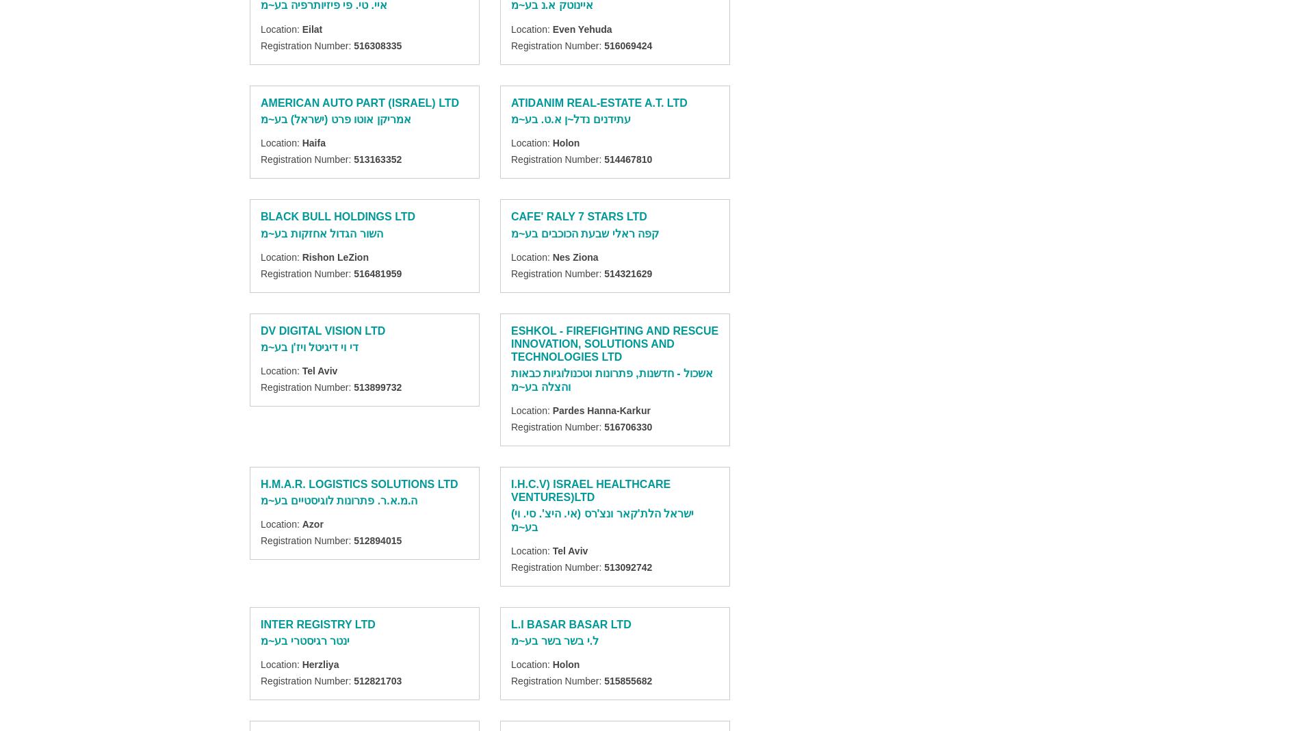 This screenshot has width=1300, height=731. I want to click on 'BLACK BULL HOLDINGS  LTD', so click(338, 216).